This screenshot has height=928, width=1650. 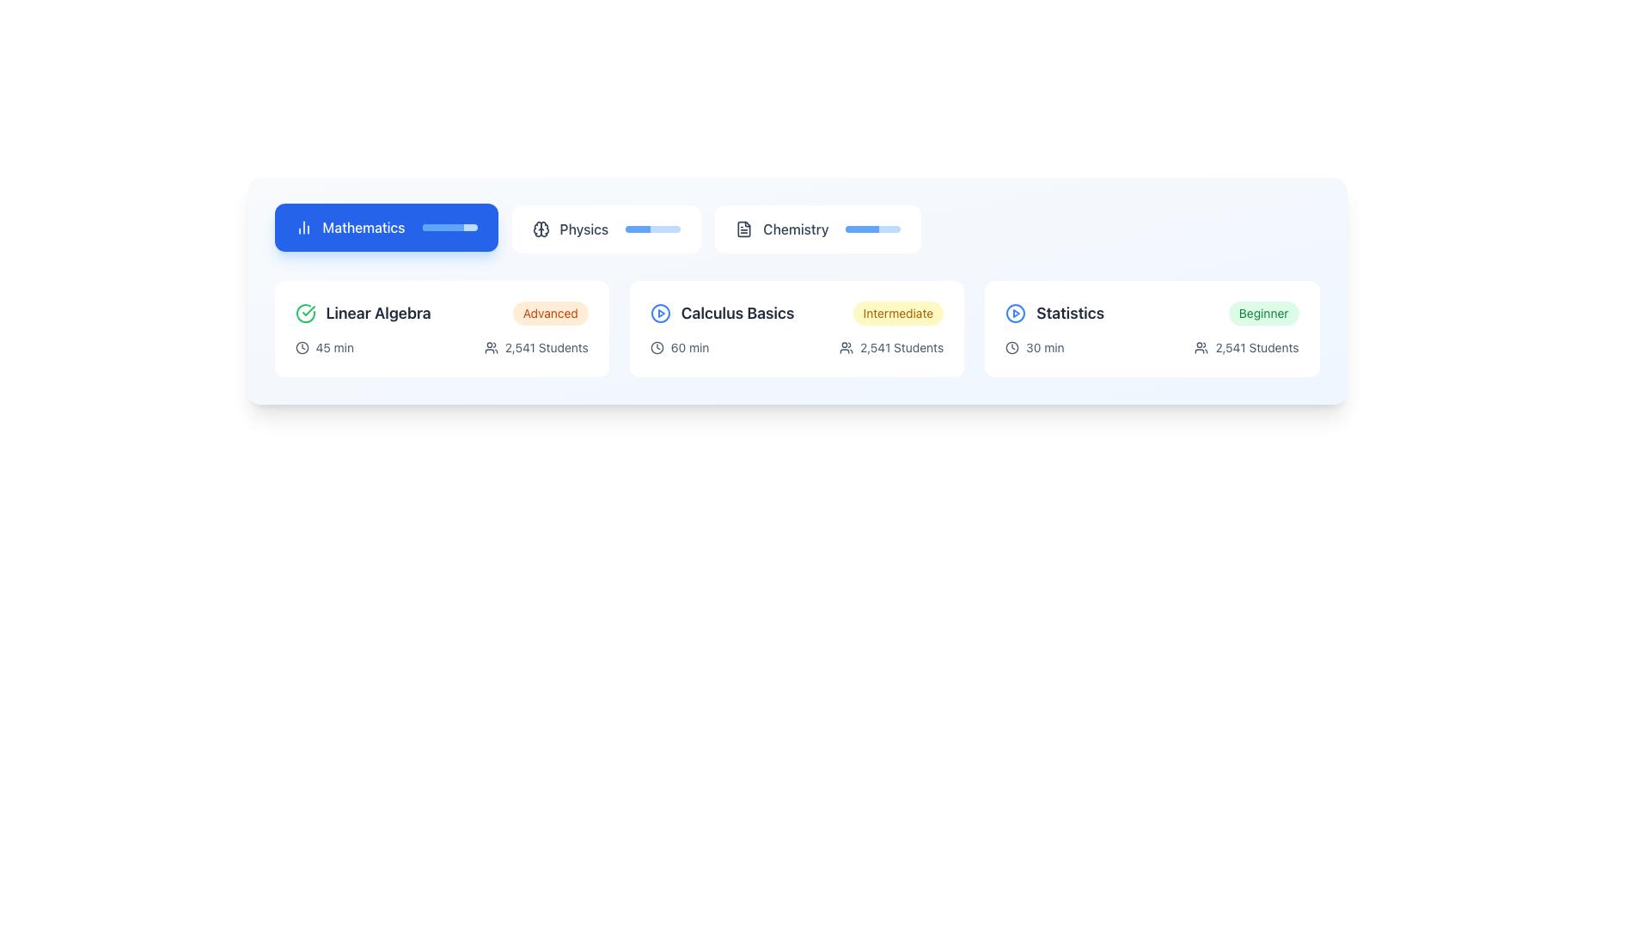 What do you see at coordinates (385, 227) in the screenshot?
I see `the blue 'Mathematics' button with a rounded rectangle shape, which contains an icon of statistical columns and the text 'Mathematics' in white` at bounding box center [385, 227].